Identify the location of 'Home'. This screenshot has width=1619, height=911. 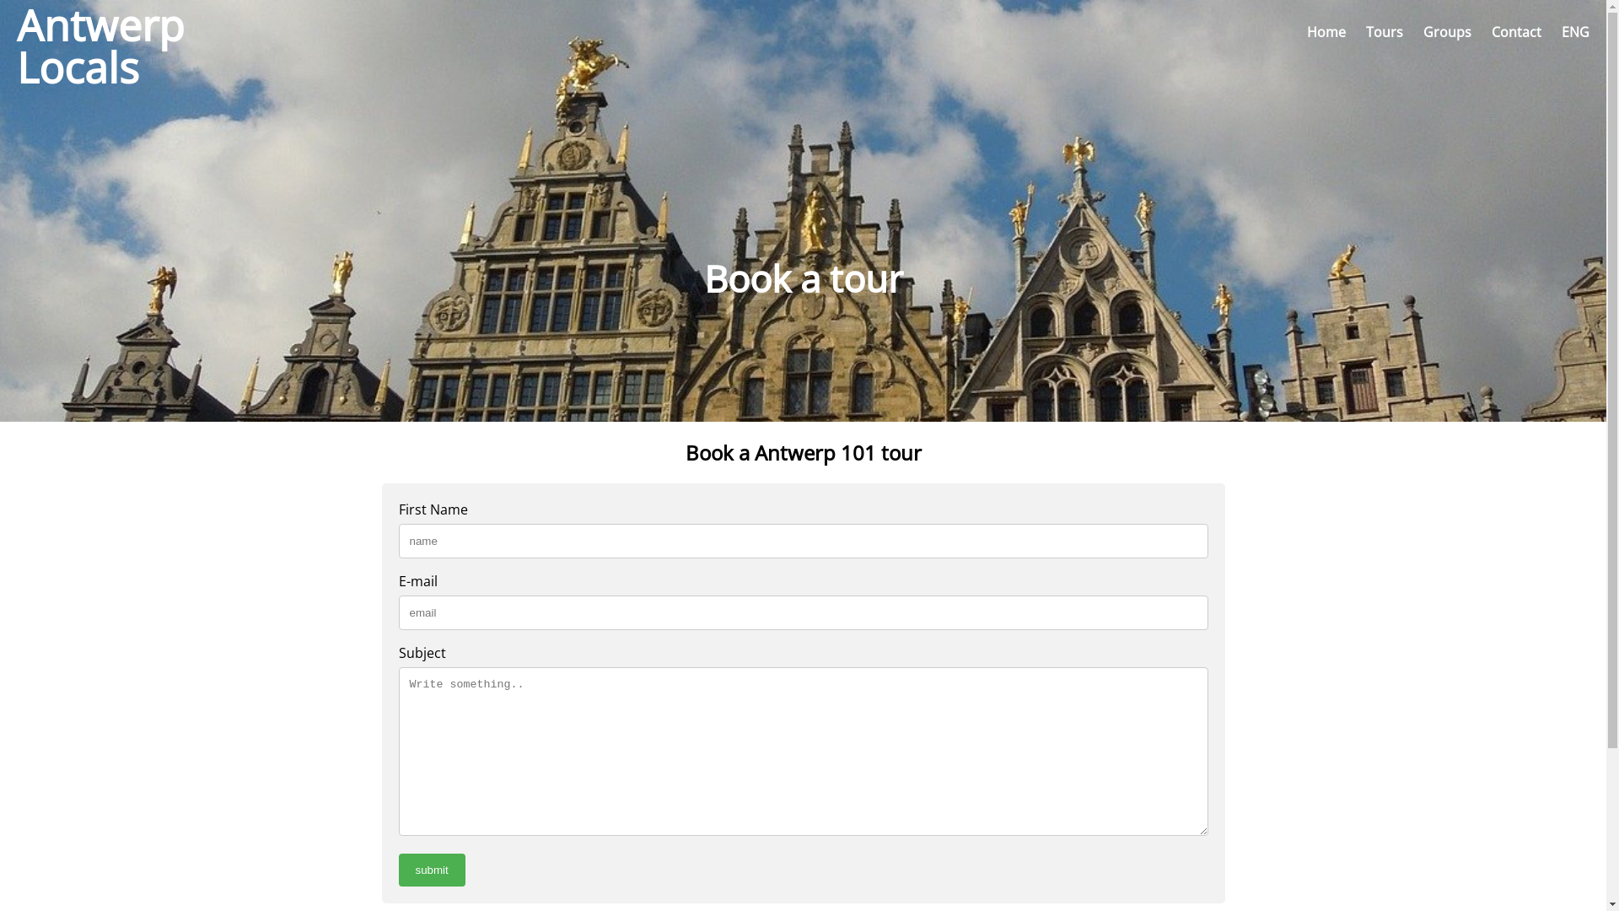
(1326, 32).